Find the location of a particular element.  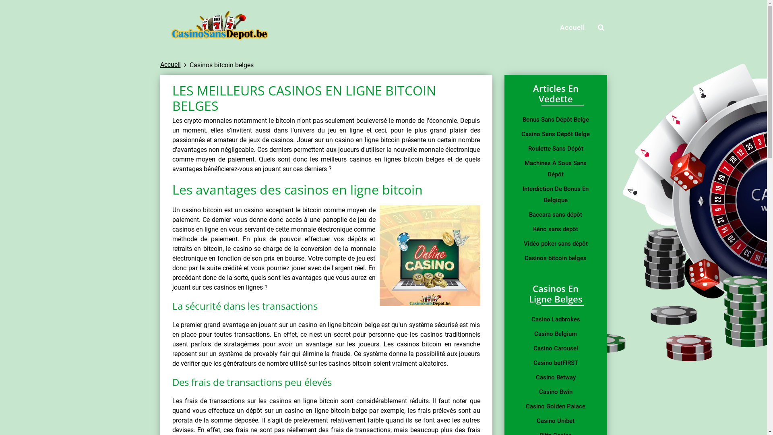

'Casino betFIRST' is located at coordinates (555, 363).